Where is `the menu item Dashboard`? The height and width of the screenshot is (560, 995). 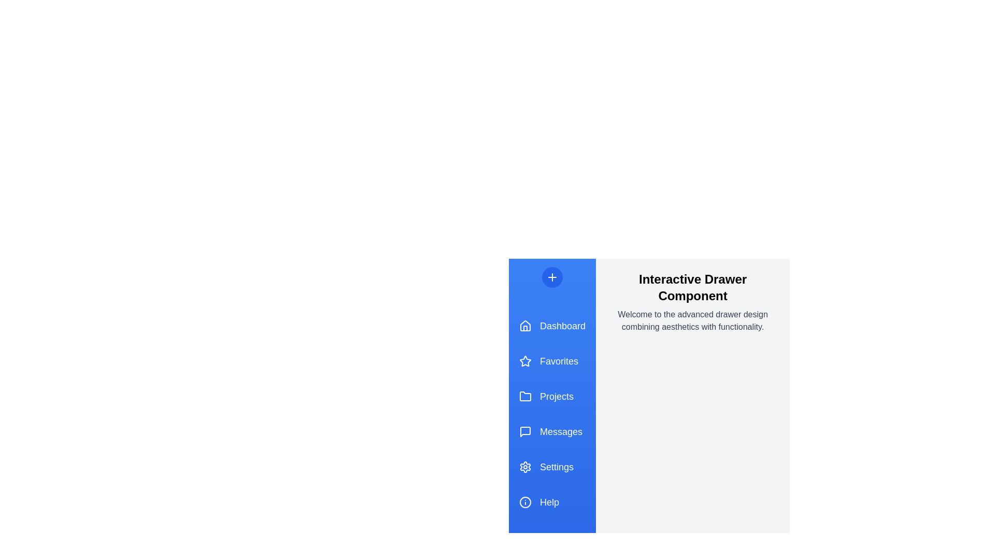 the menu item Dashboard is located at coordinates (551, 325).